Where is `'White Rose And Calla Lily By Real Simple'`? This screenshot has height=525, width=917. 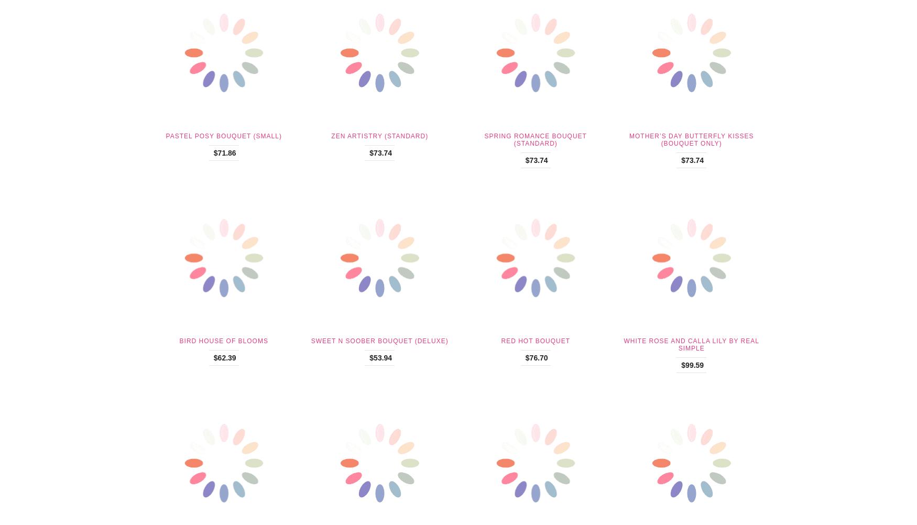
'White Rose And Calla Lily By Real Simple' is located at coordinates (691, 344).